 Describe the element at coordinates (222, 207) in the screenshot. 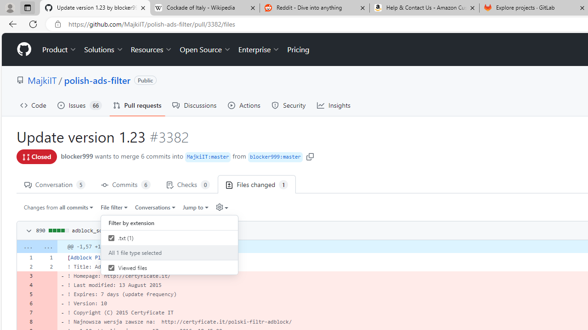

I see `'Diff settings'` at that location.